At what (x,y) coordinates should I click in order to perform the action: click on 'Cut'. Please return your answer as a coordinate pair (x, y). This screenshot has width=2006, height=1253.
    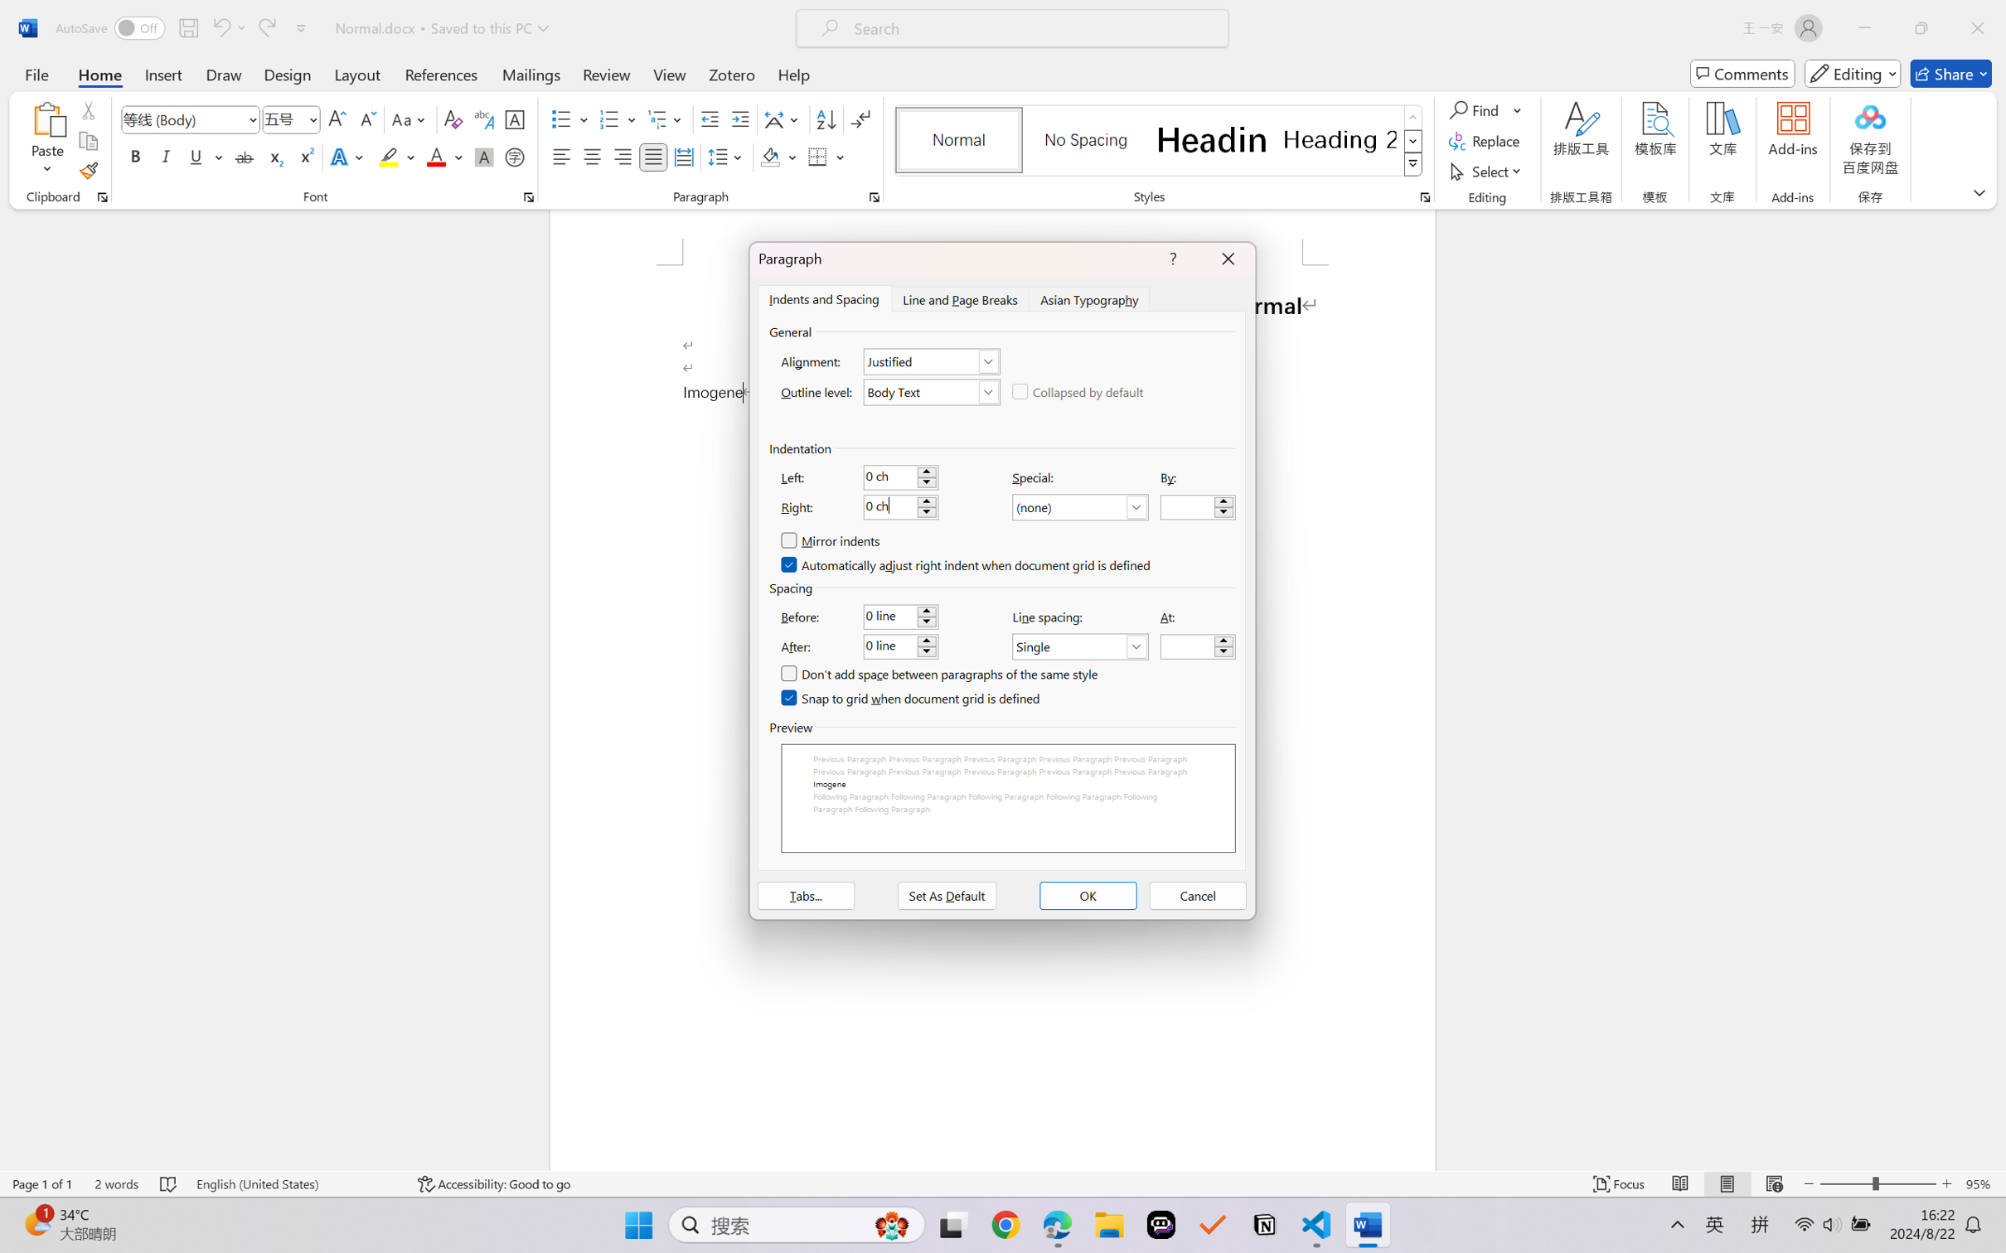
    Looking at the image, I should click on (87, 109).